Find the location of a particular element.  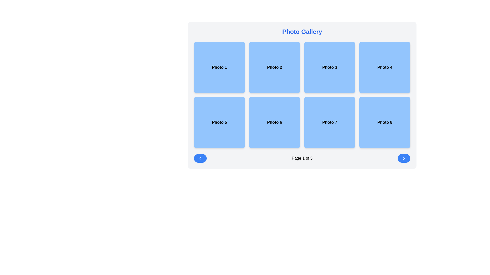

the 'Photo 3' button, which is the third item in the first row of a 4x2 grid layout is located at coordinates (329, 67).